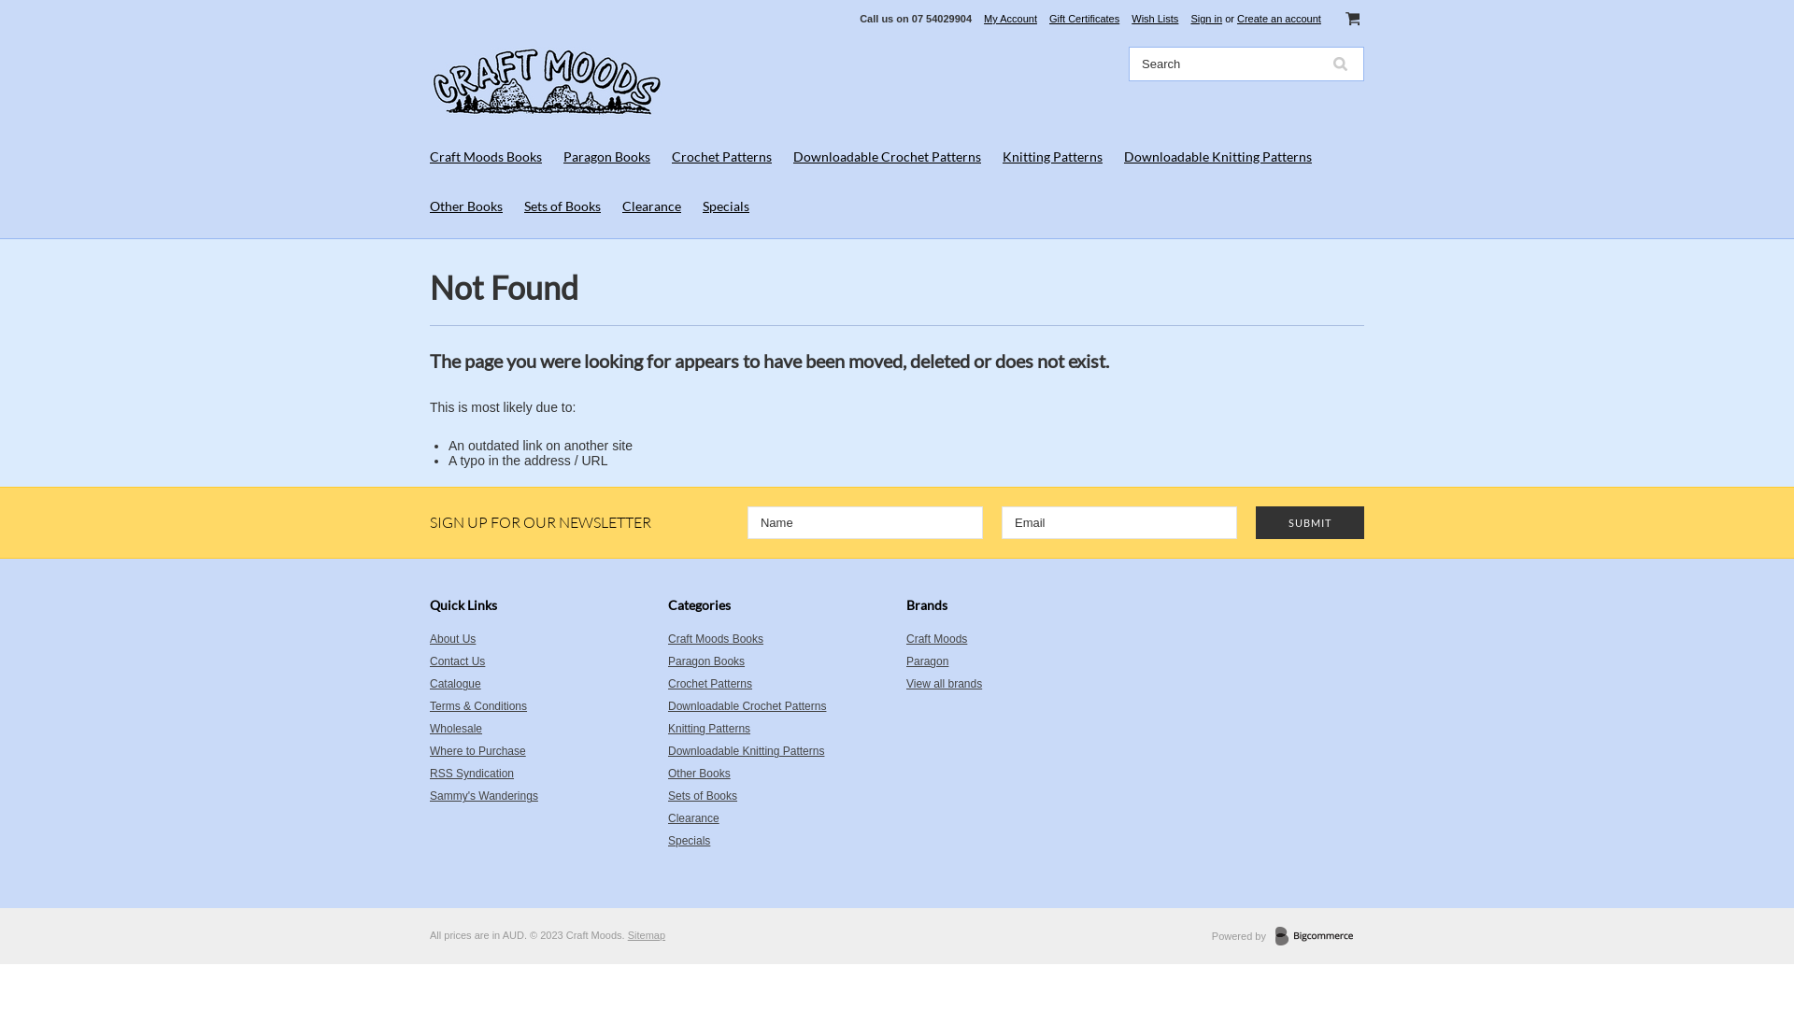 The image size is (1794, 1009). I want to click on 'Where to Purchase', so click(429, 749).